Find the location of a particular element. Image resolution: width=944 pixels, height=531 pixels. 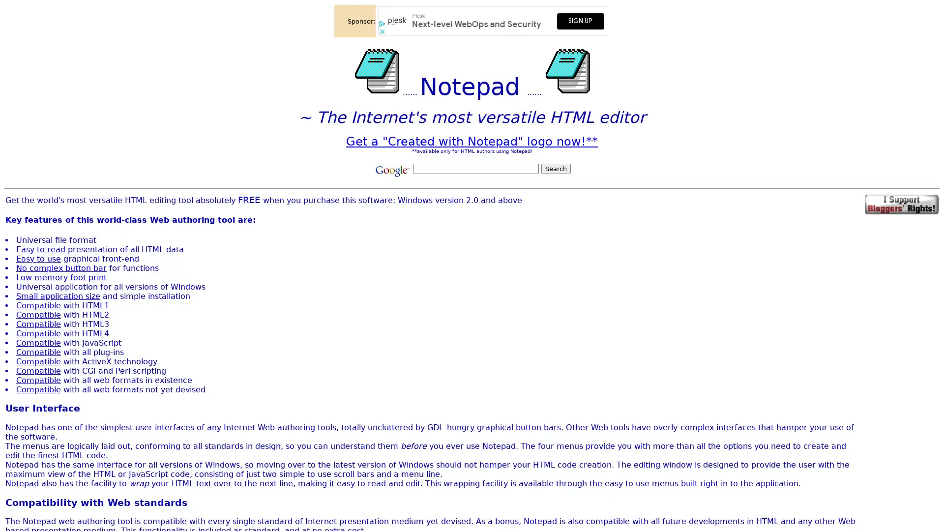

Search is located at coordinates (555, 168).